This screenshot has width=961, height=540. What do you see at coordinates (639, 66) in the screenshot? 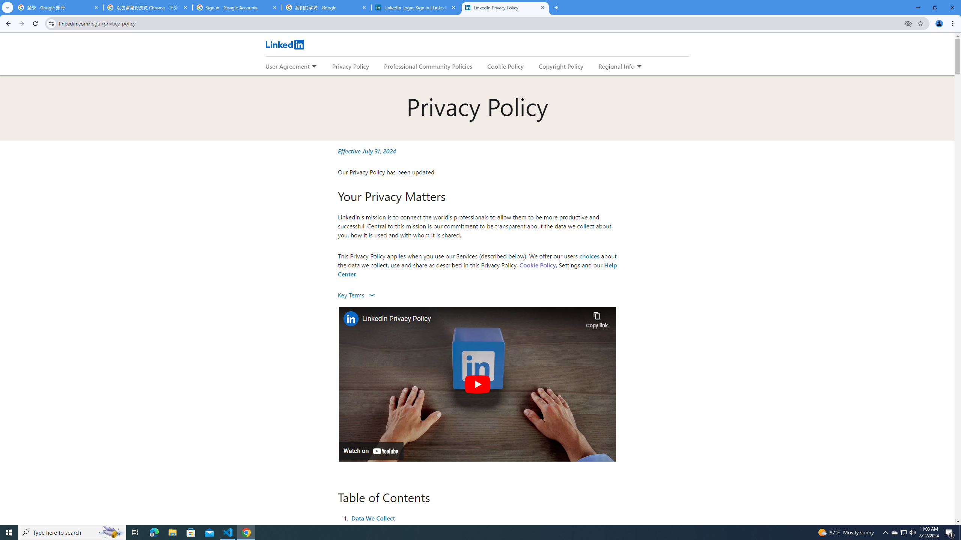
I see `'Expand to show more links for Regional Info'` at bounding box center [639, 66].